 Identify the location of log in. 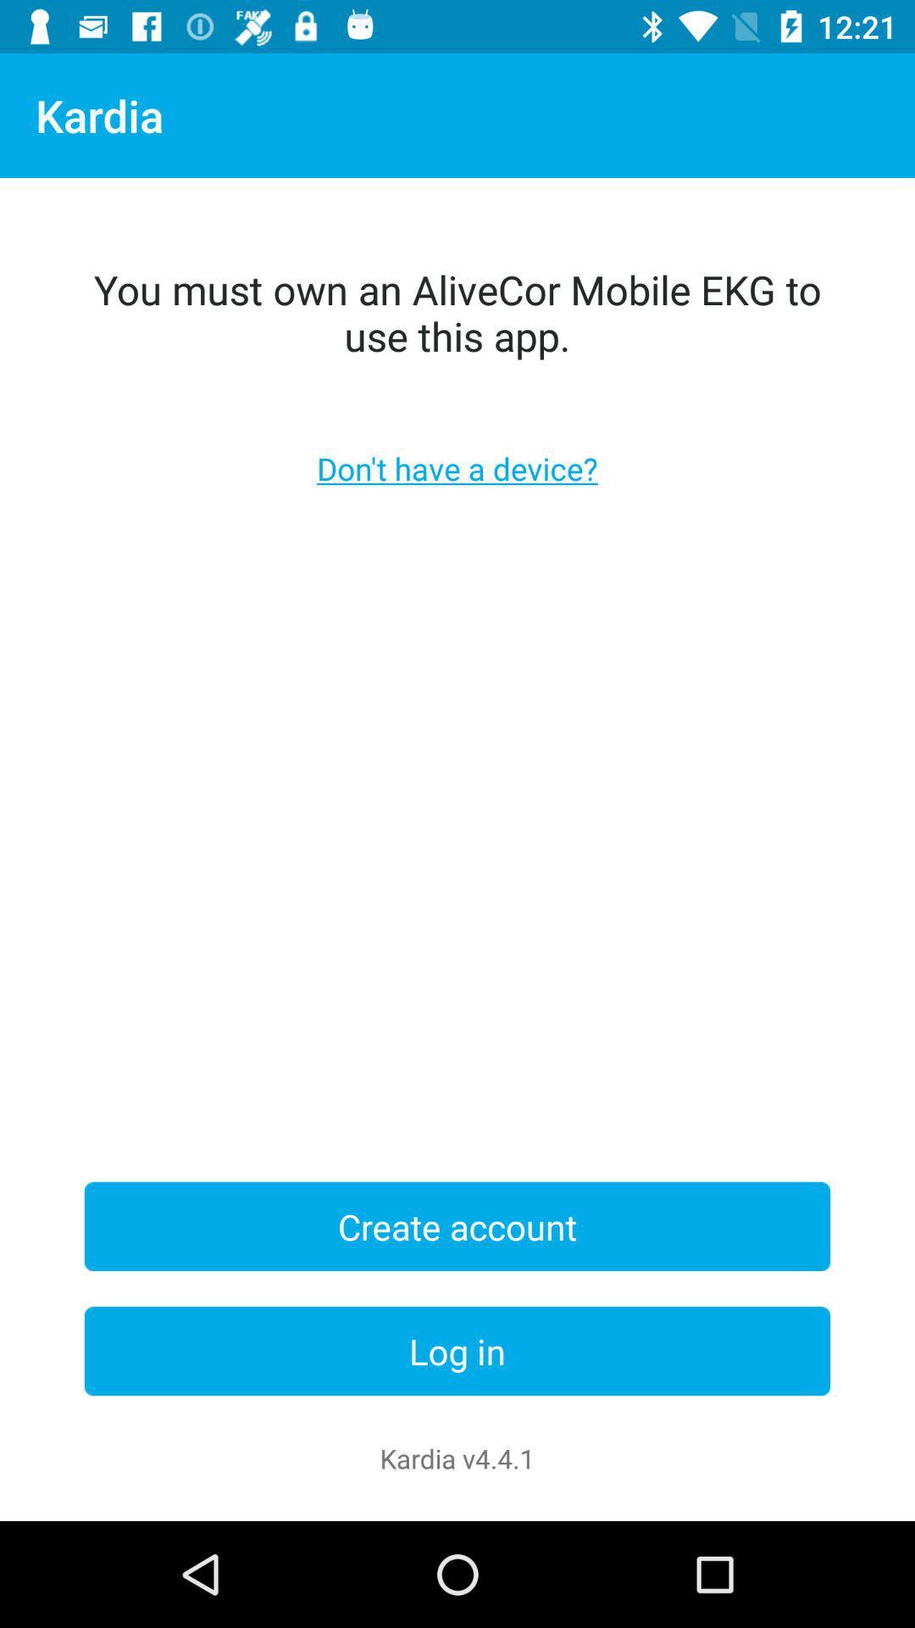
(457, 1350).